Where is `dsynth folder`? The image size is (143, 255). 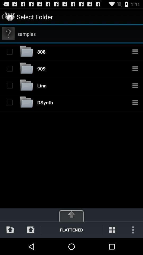
dsynth folder is located at coordinates (26, 102).